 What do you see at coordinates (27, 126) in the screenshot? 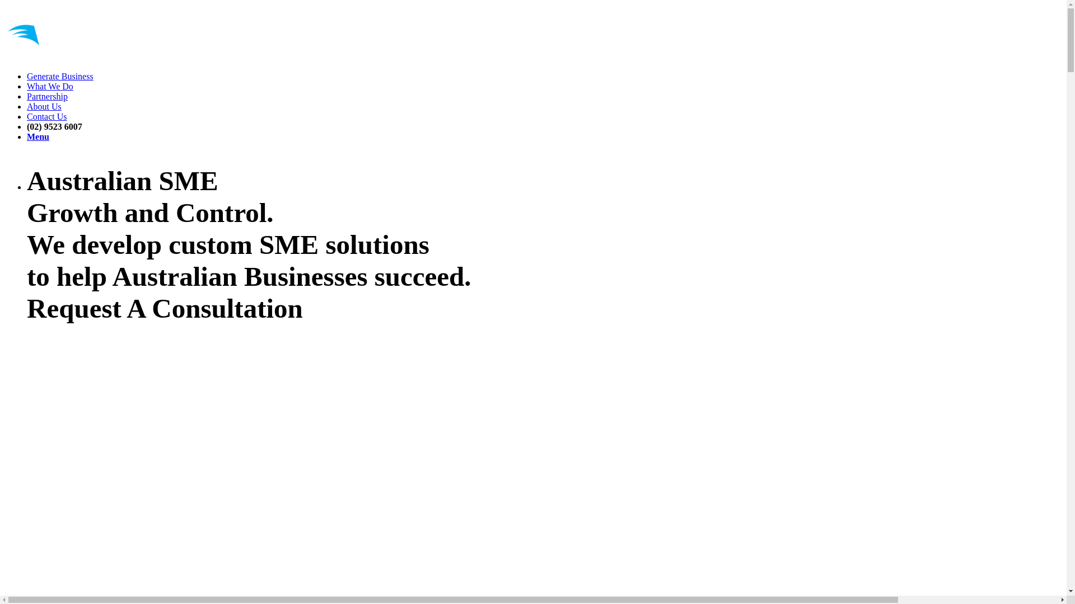
I see `'(02) 9523 6007'` at bounding box center [27, 126].